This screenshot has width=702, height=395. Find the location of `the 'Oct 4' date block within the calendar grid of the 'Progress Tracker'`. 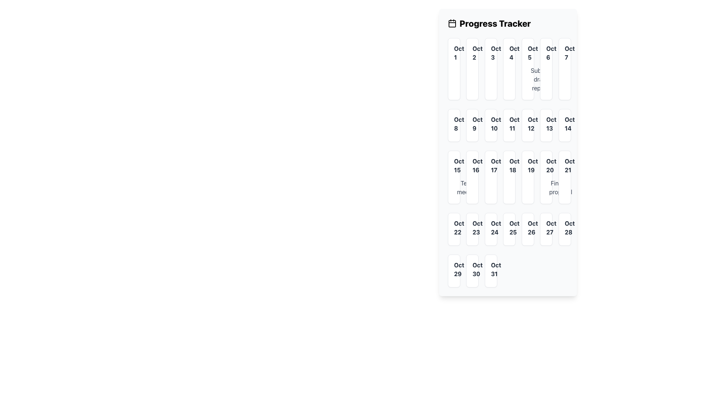

the 'Oct 4' date block within the calendar grid of the 'Progress Tracker' is located at coordinates (509, 69).